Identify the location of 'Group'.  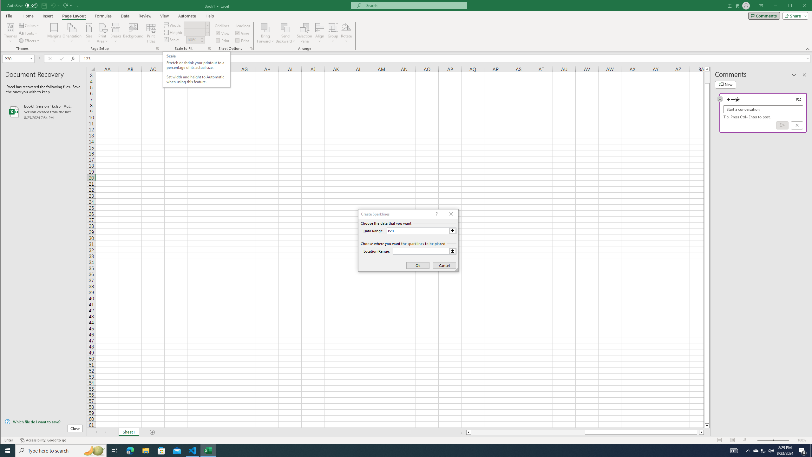
(332, 33).